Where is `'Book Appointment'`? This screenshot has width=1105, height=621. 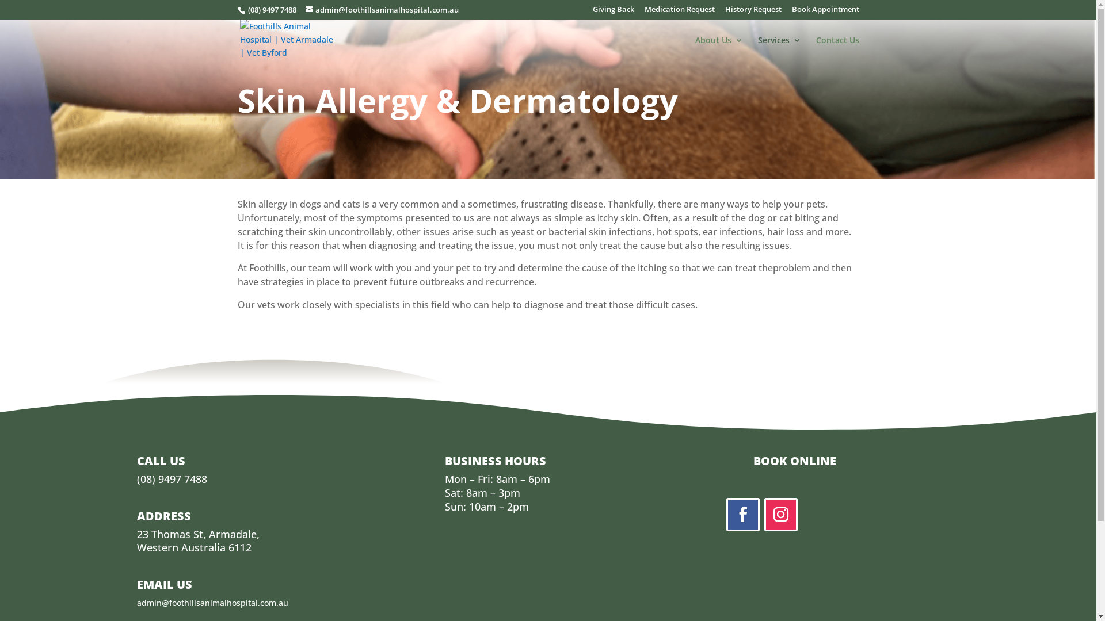 'Book Appointment' is located at coordinates (825, 12).